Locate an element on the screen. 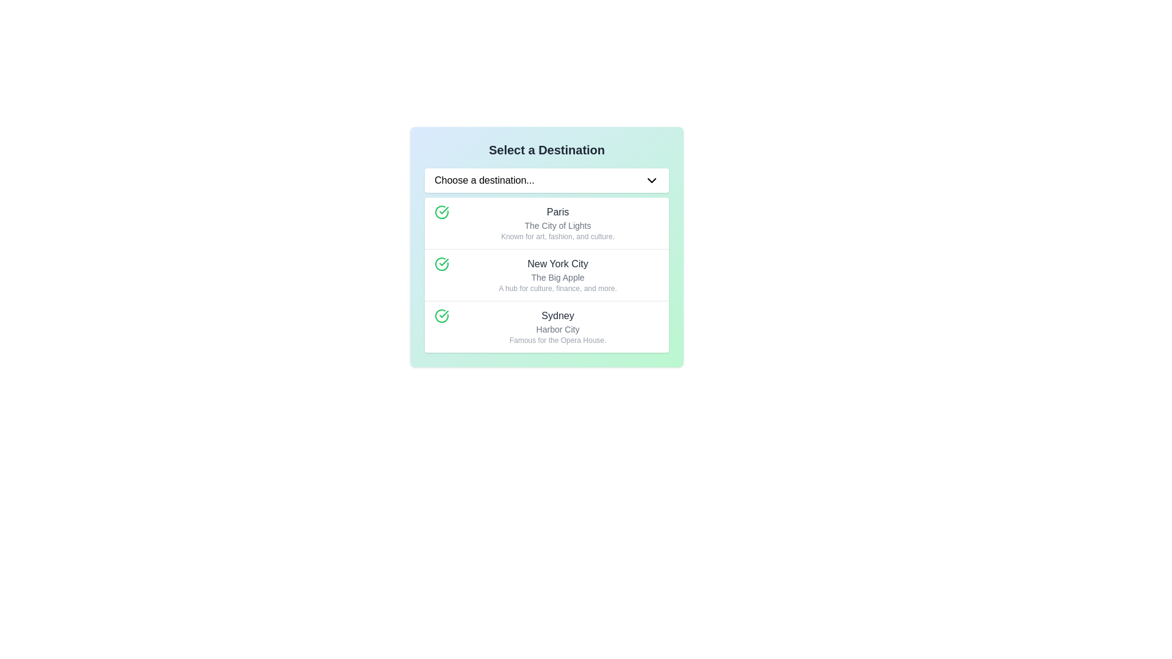 The image size is (1172, 659). the second informational list item in the selectable destinations list, located between 'Paris' and 'Sydney' is located at coordinates (557, 275).